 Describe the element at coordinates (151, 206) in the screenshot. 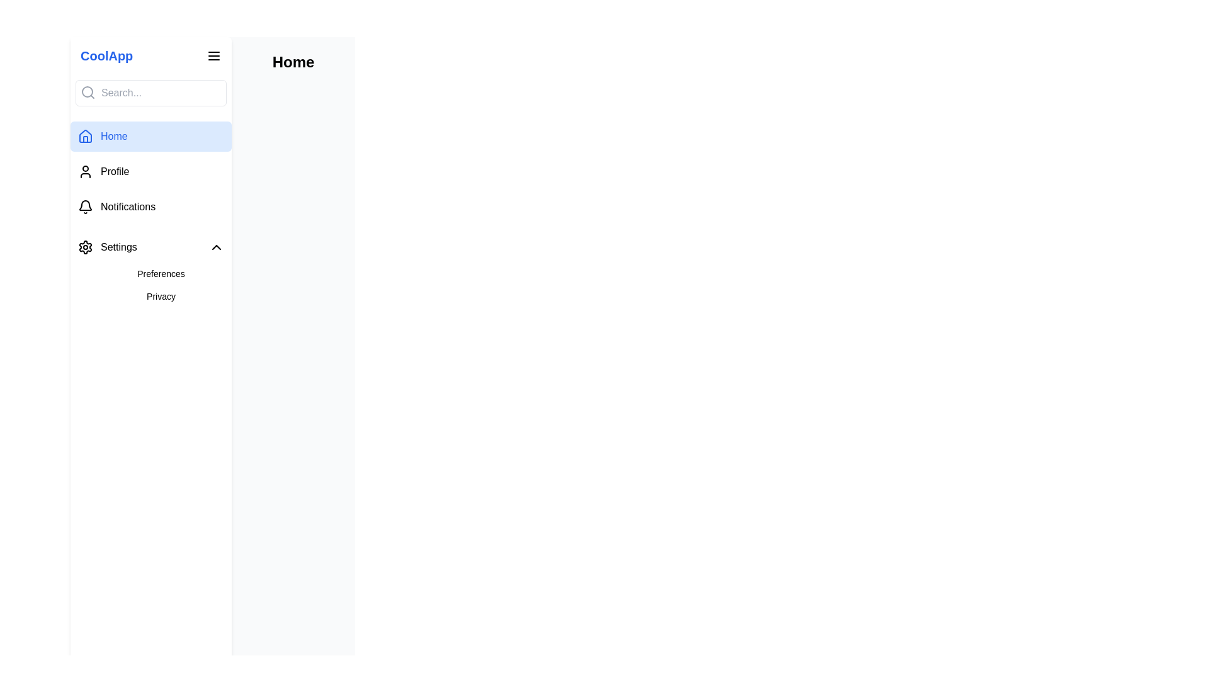

I see `the 'Notifications' navigation link, which features a bell icon followed by the text 'Notifications', located as the third item in the sidebar navigation list` at that location.